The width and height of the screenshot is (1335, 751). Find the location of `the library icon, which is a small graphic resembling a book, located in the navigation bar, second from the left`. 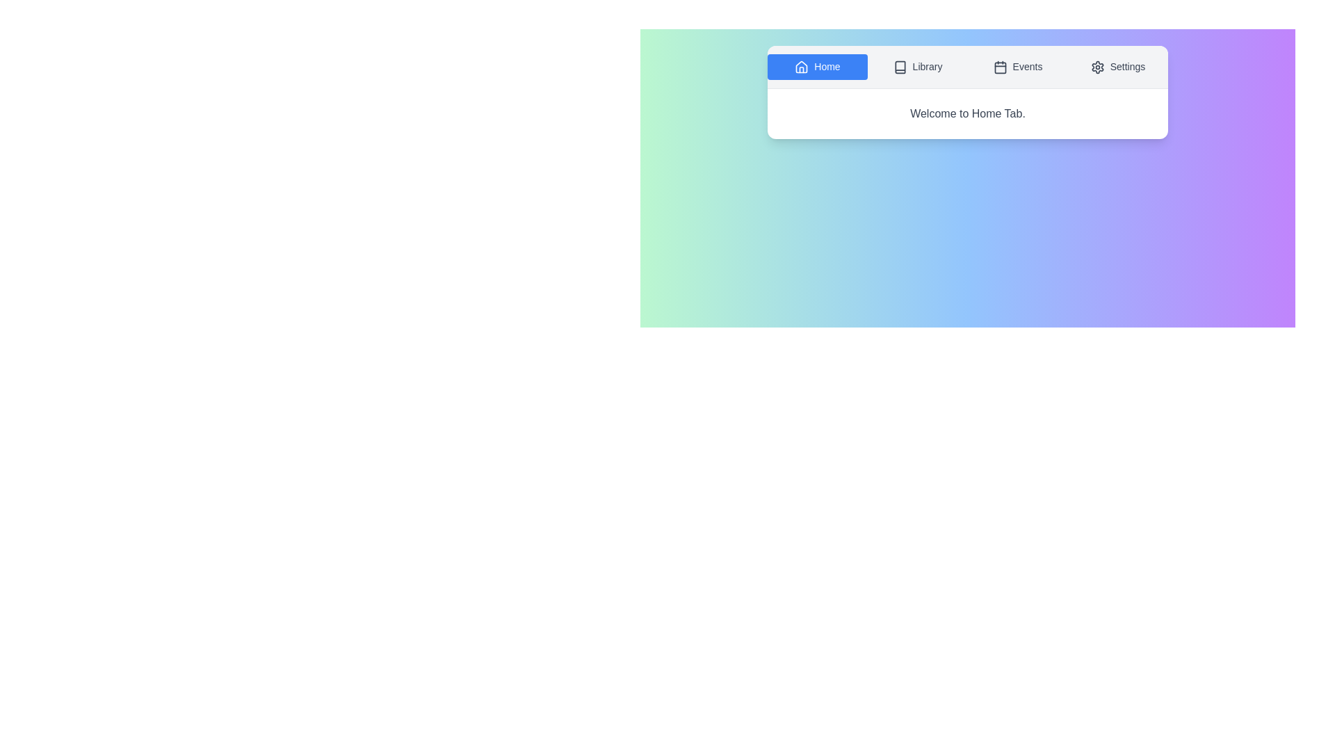

the library icon, which is a small graphic resembling a book, located in the navigation bar, second from the left is located at coordinates (900, 67).